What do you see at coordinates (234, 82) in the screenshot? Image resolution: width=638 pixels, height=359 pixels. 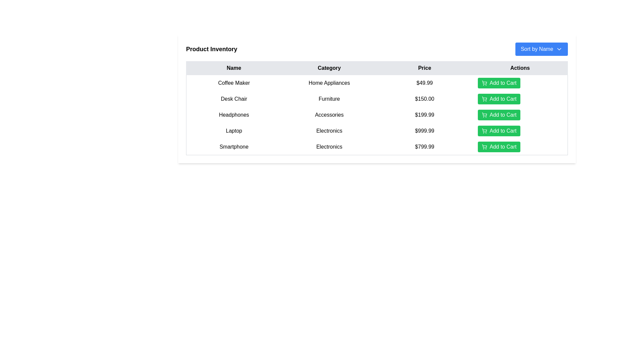 I see `the text block element displaying 'Coffee Maker', which is the first cell in the row under the 'Name' column of the product information table` at bounding box center [234, 82].